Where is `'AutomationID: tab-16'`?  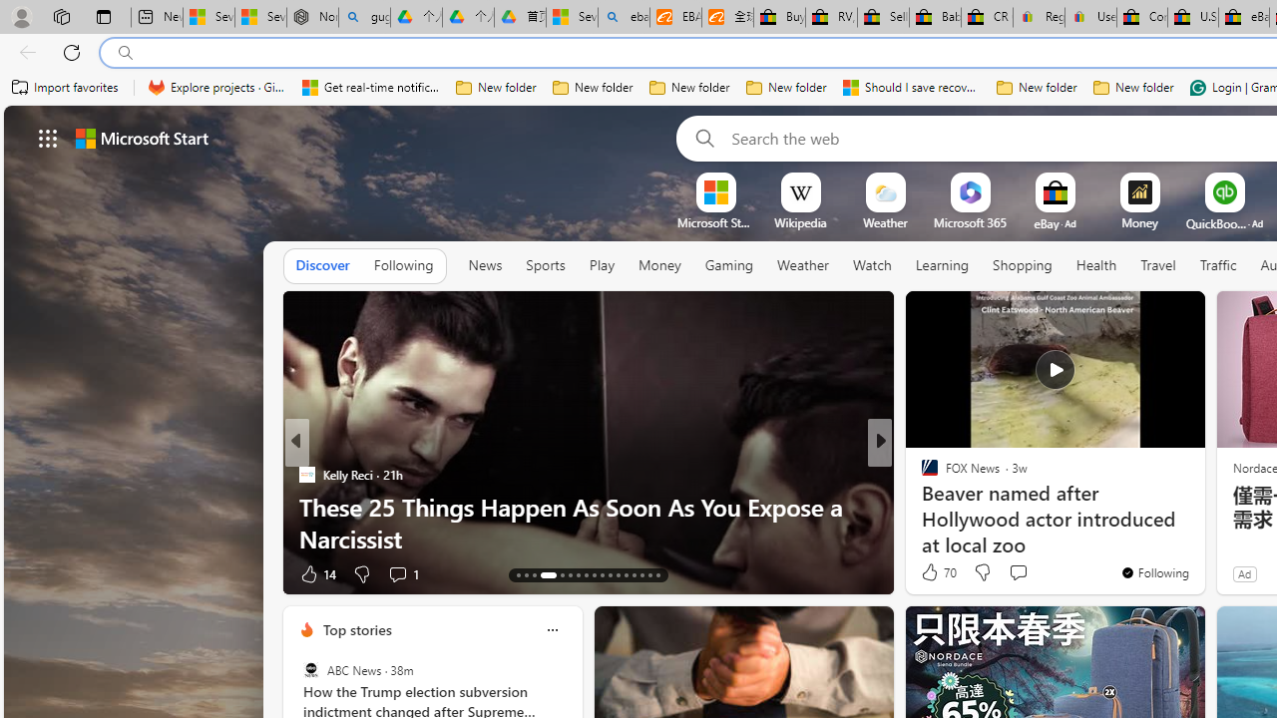
'AutomationID: tab-16' is located at coordinates (548, 575).